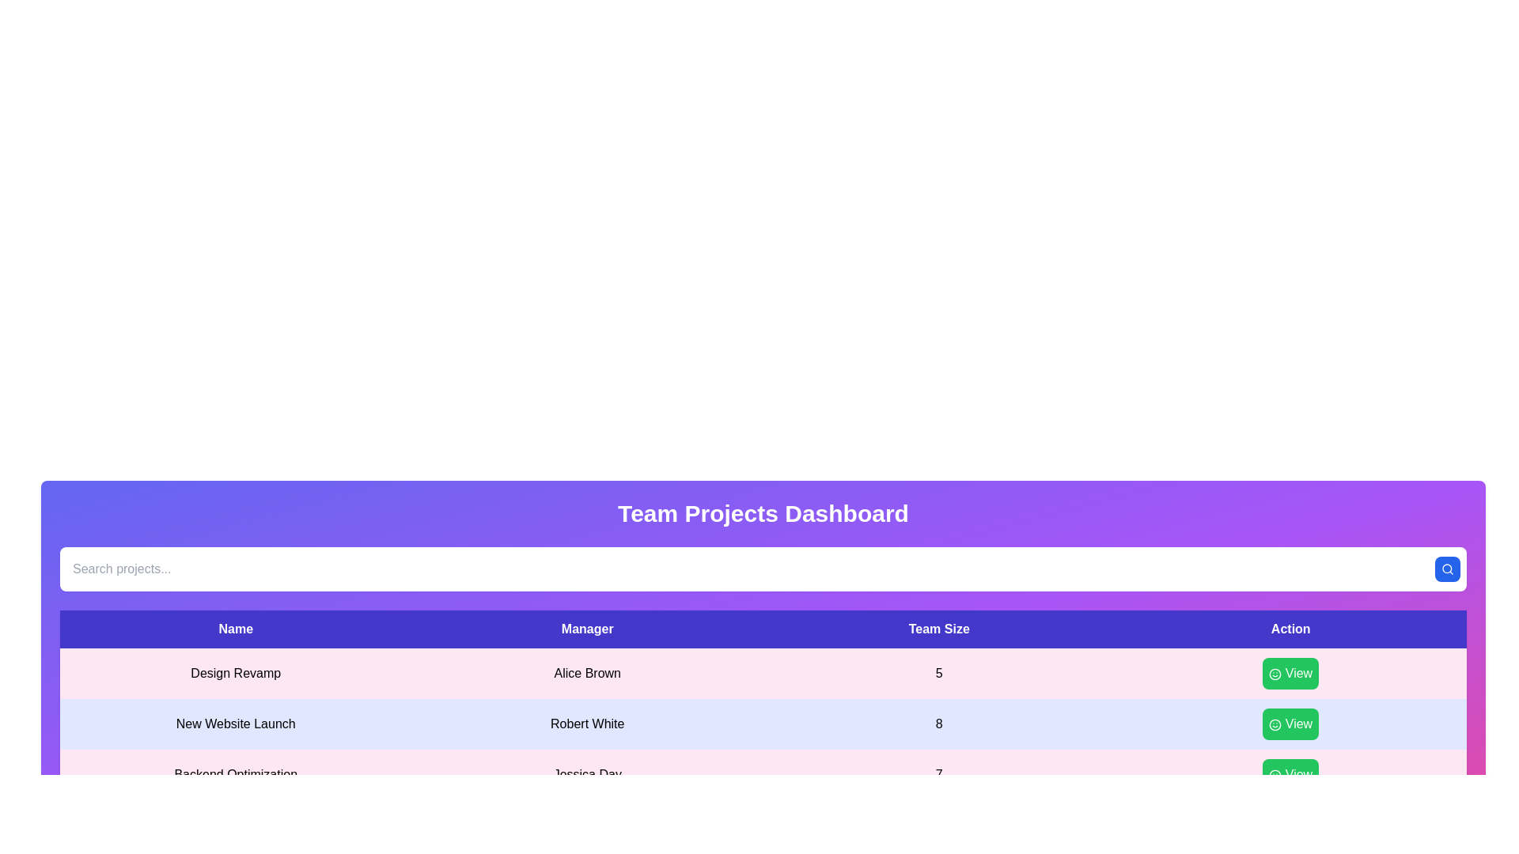 Image resolution: width=1519 pixels, height=854 pixels. What do you see at coordinates (1290, 628) in the screenshot?
I see `the 'Action' header label in the top-right section of the data table header row, which indicates the corresponding cells below will display action-related options or information` at bounding box center [1290, 628].